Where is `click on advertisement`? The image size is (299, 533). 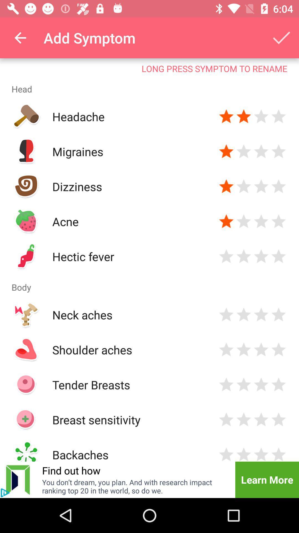 click on advertisement is located at coordinates (5, 493).